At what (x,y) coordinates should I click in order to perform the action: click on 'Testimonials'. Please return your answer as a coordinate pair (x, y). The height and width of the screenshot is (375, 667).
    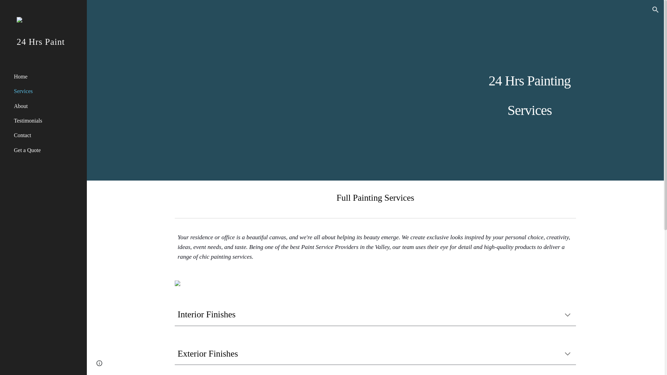
    Looking at the image, I should click on (12, 120).